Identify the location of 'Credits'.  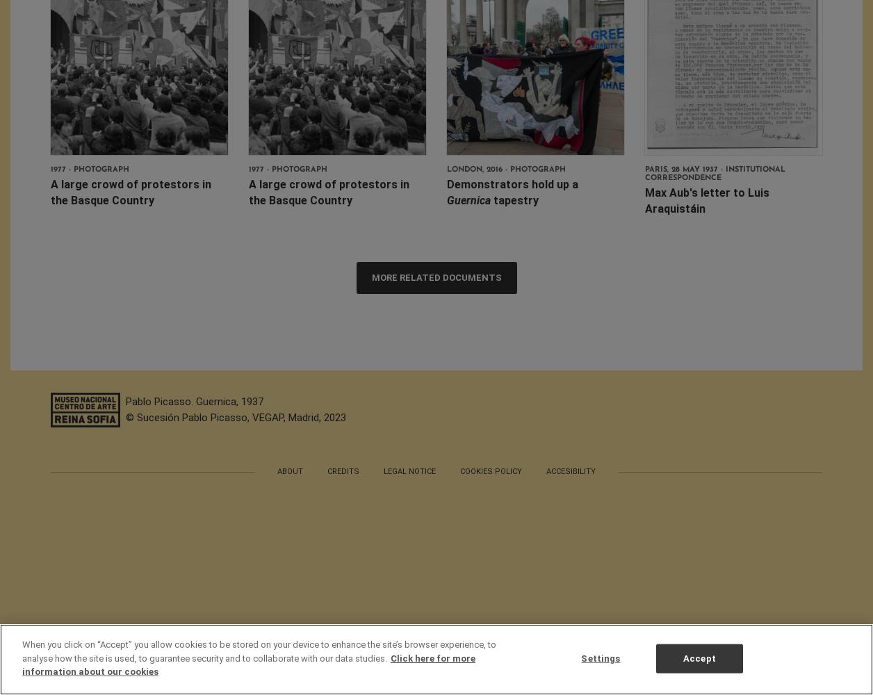
(342, 471).